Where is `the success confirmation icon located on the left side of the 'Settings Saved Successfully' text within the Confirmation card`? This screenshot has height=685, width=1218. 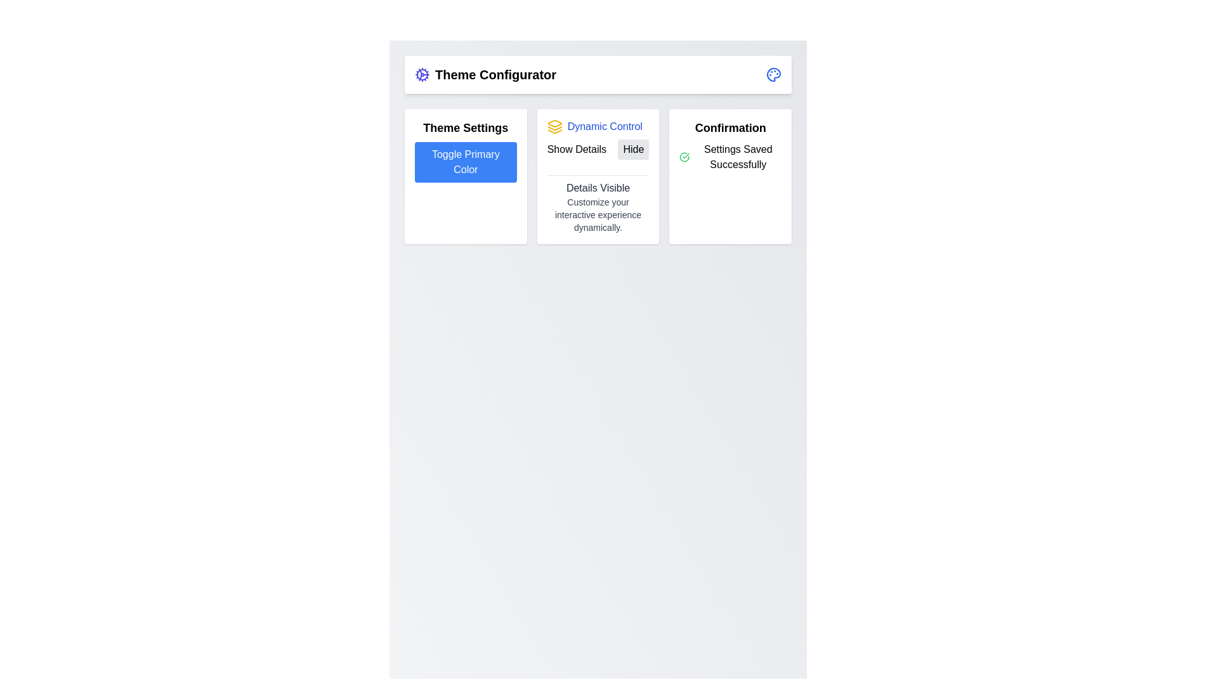
the success confirmation icon located on the left side of the 'Settings Saved Successfully' text within the Confirmation card is located at coordinates (684, 156).